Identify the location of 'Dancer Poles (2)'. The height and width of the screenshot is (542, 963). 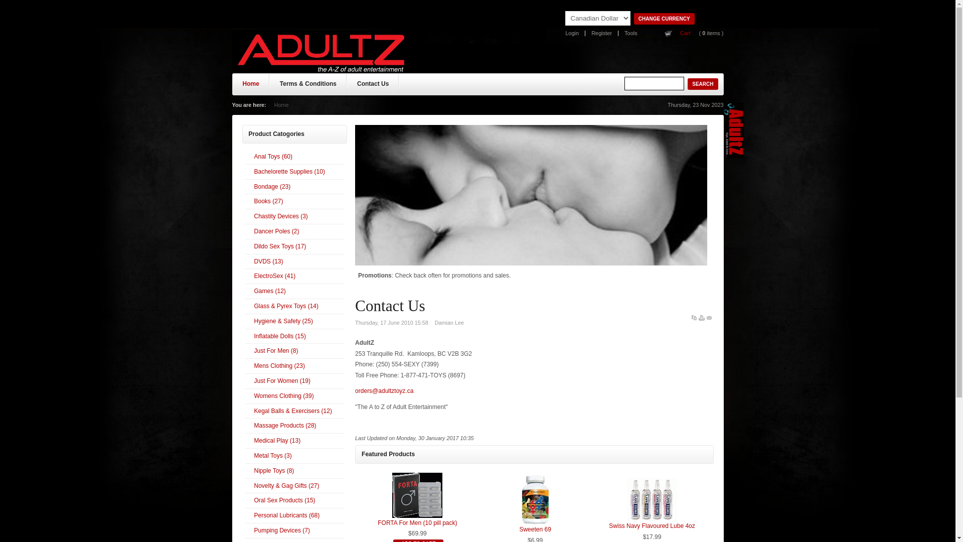
(293, 232).